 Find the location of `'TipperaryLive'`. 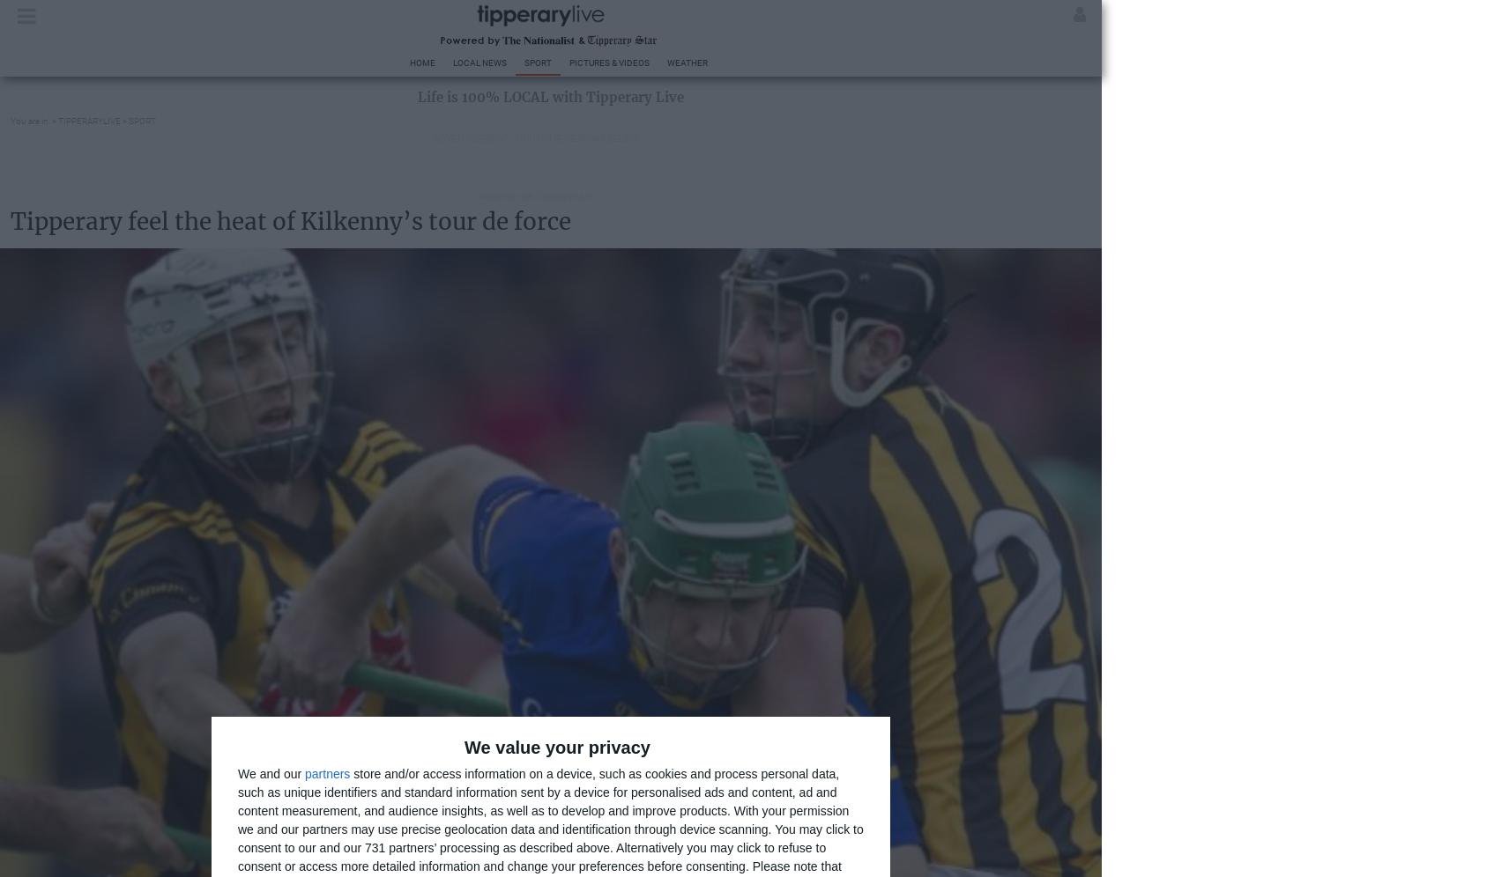

'TipperaryLive' is located at coordinates (57, 120).